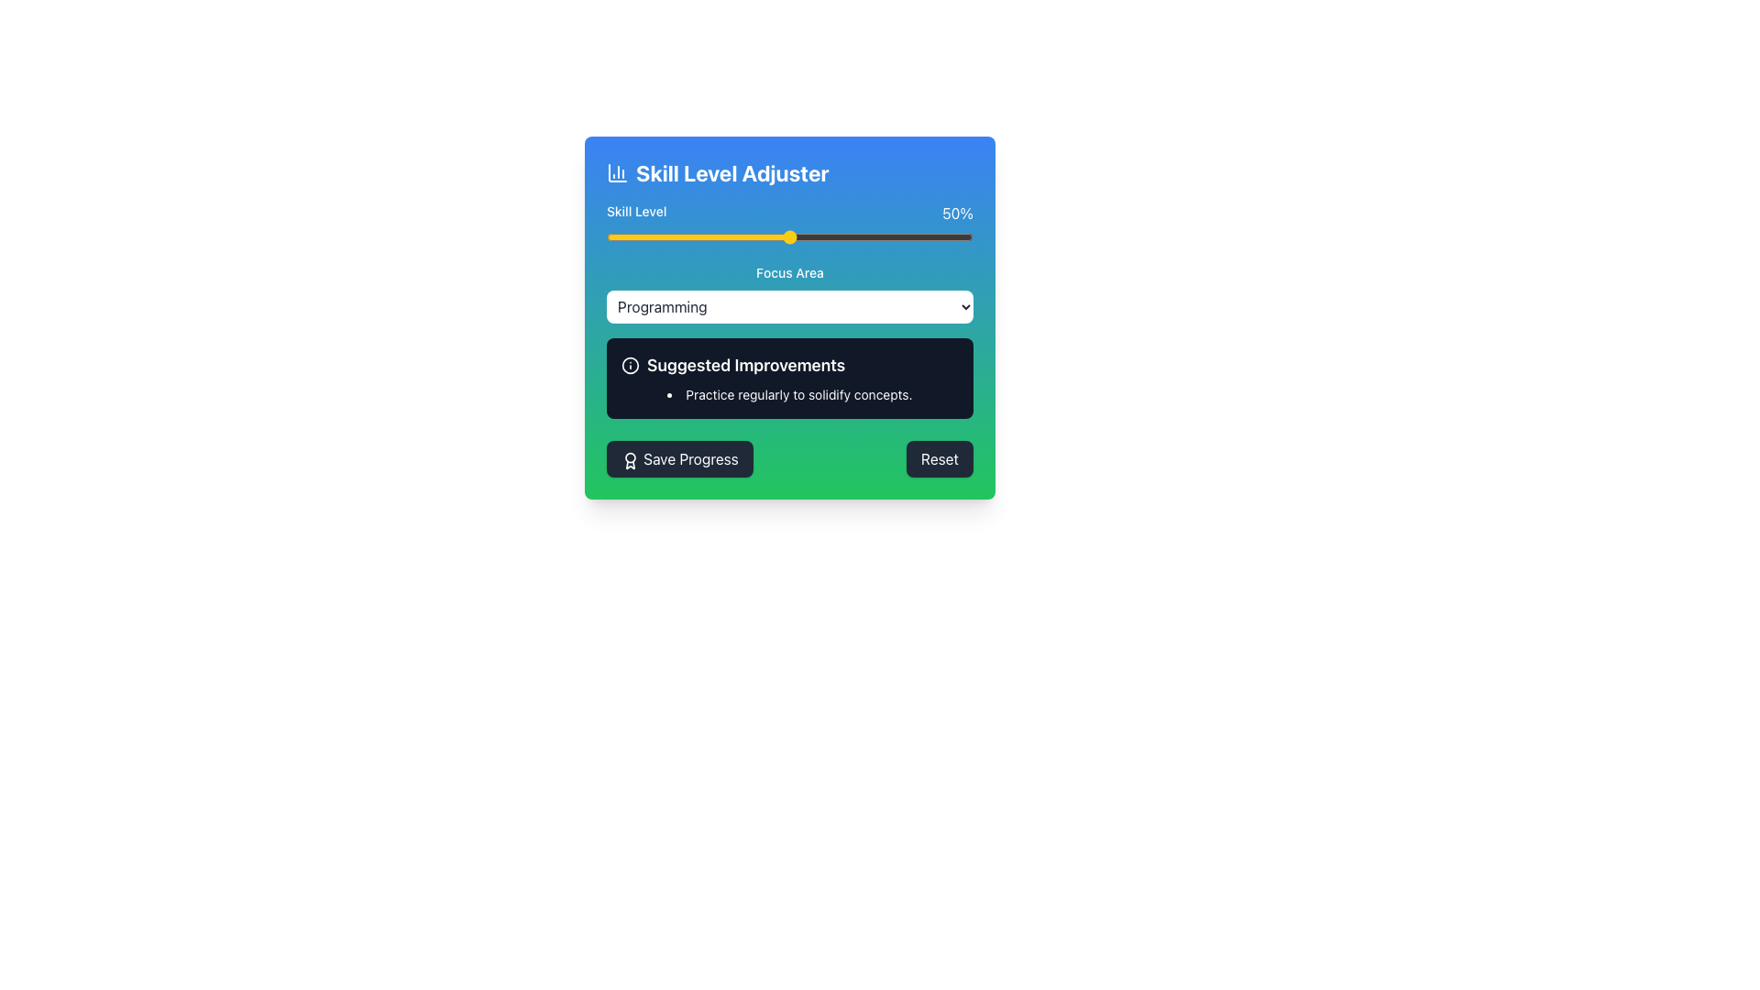 This screenshot has width=1760, height=990. I want to click on the slider, so click(790, 236).